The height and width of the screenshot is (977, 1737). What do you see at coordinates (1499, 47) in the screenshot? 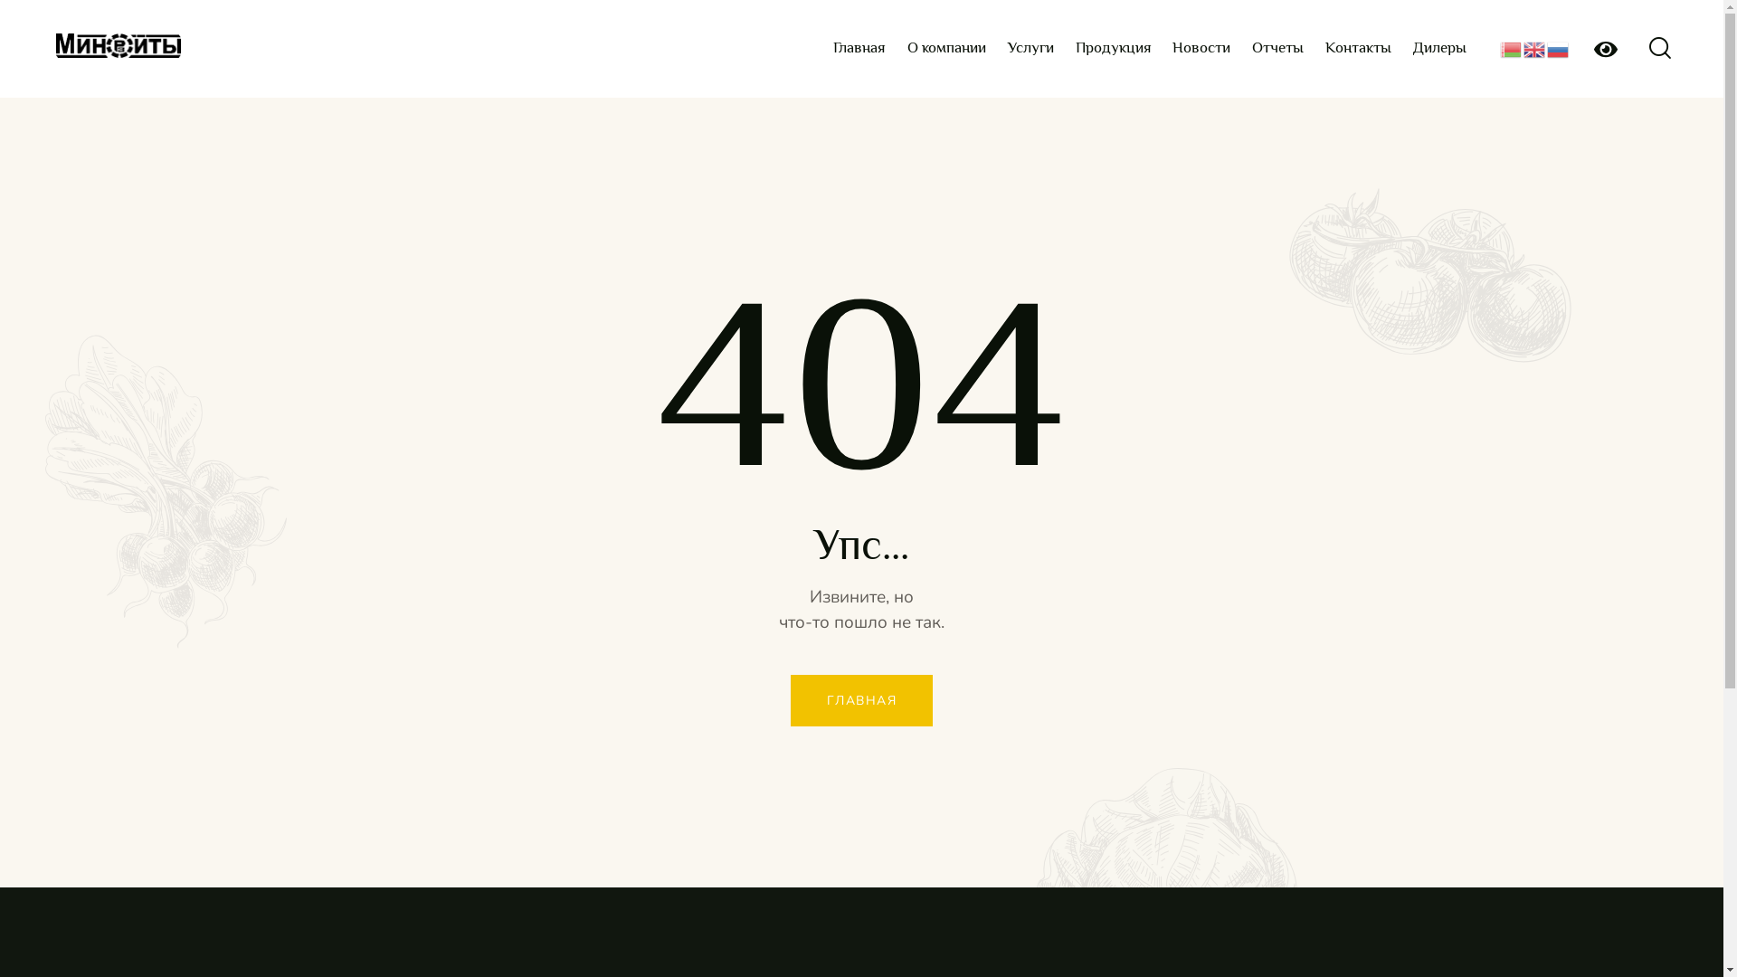
I see `'Belarusian'` at bounding box center [1499, 47].